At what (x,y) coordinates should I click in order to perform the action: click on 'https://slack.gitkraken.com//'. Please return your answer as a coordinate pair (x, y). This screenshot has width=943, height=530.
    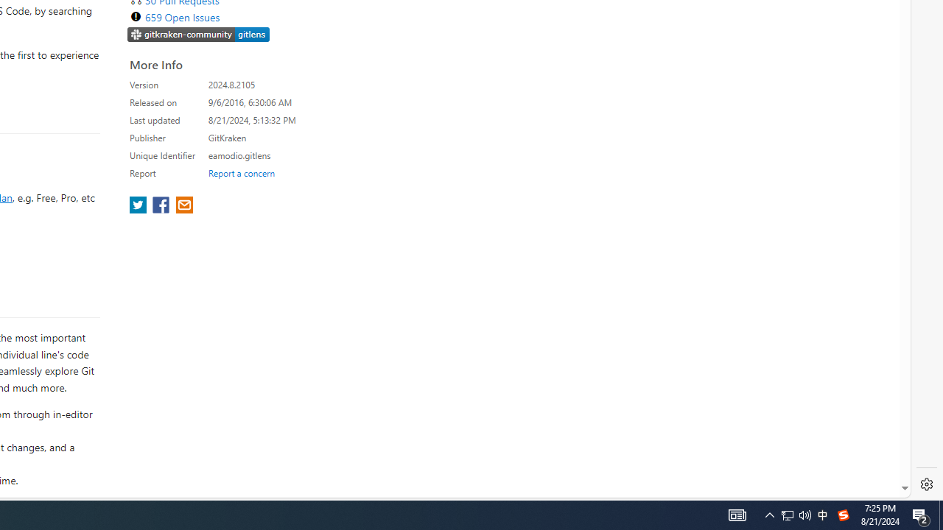
    Looking at the image, I should click on (198, 33).